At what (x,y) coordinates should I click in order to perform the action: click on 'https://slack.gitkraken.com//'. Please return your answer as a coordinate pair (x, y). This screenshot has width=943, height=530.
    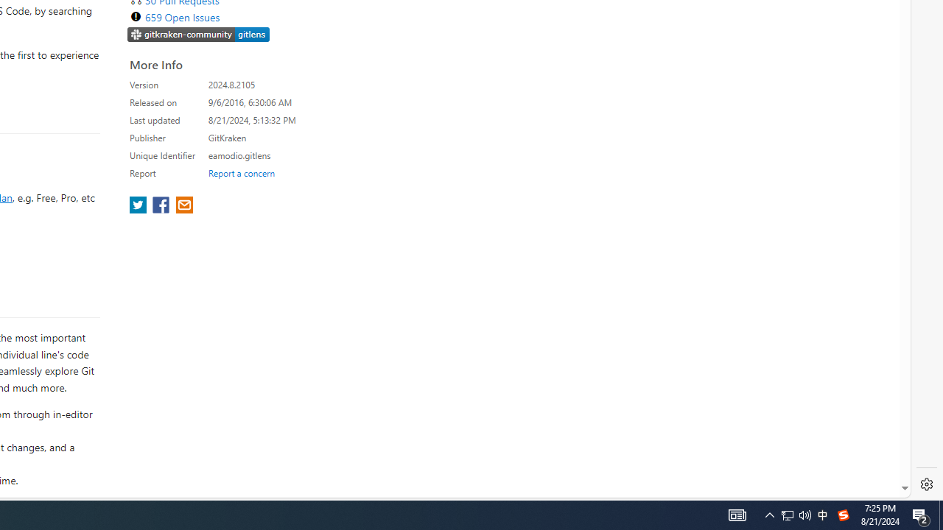
    Looking at the image, I should click on (198, 33).